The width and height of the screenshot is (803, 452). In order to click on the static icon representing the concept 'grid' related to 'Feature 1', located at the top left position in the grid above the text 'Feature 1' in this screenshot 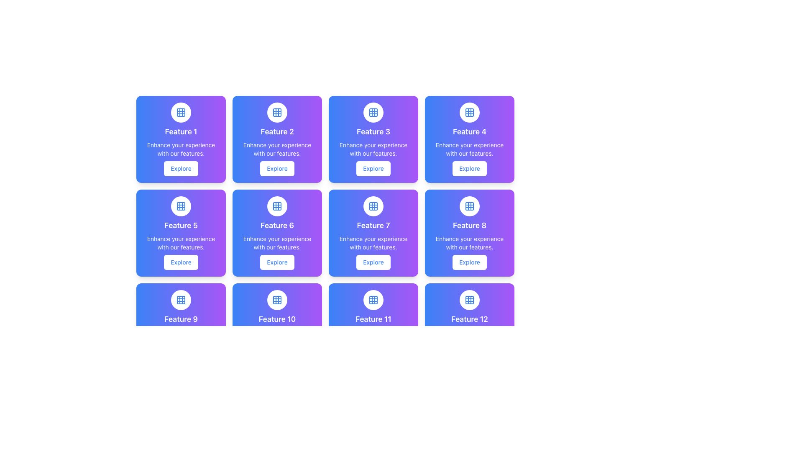, I will do `click(180, 112)`.